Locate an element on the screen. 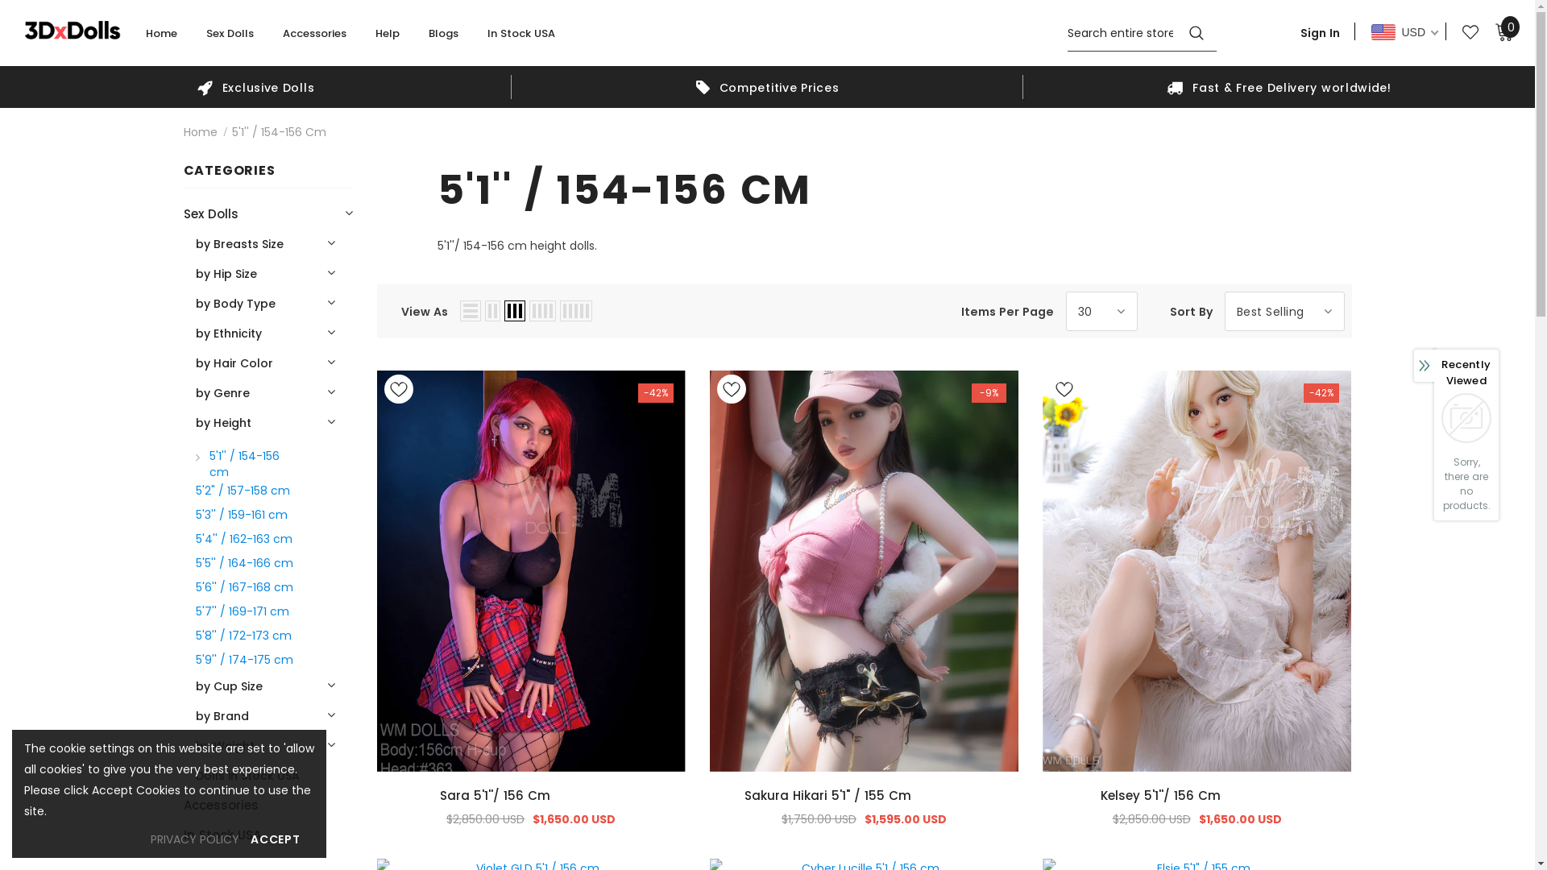 This screenshot has width=1547, height=870. 'PRIVACY POLICY' is located at coordinates (193, 838).